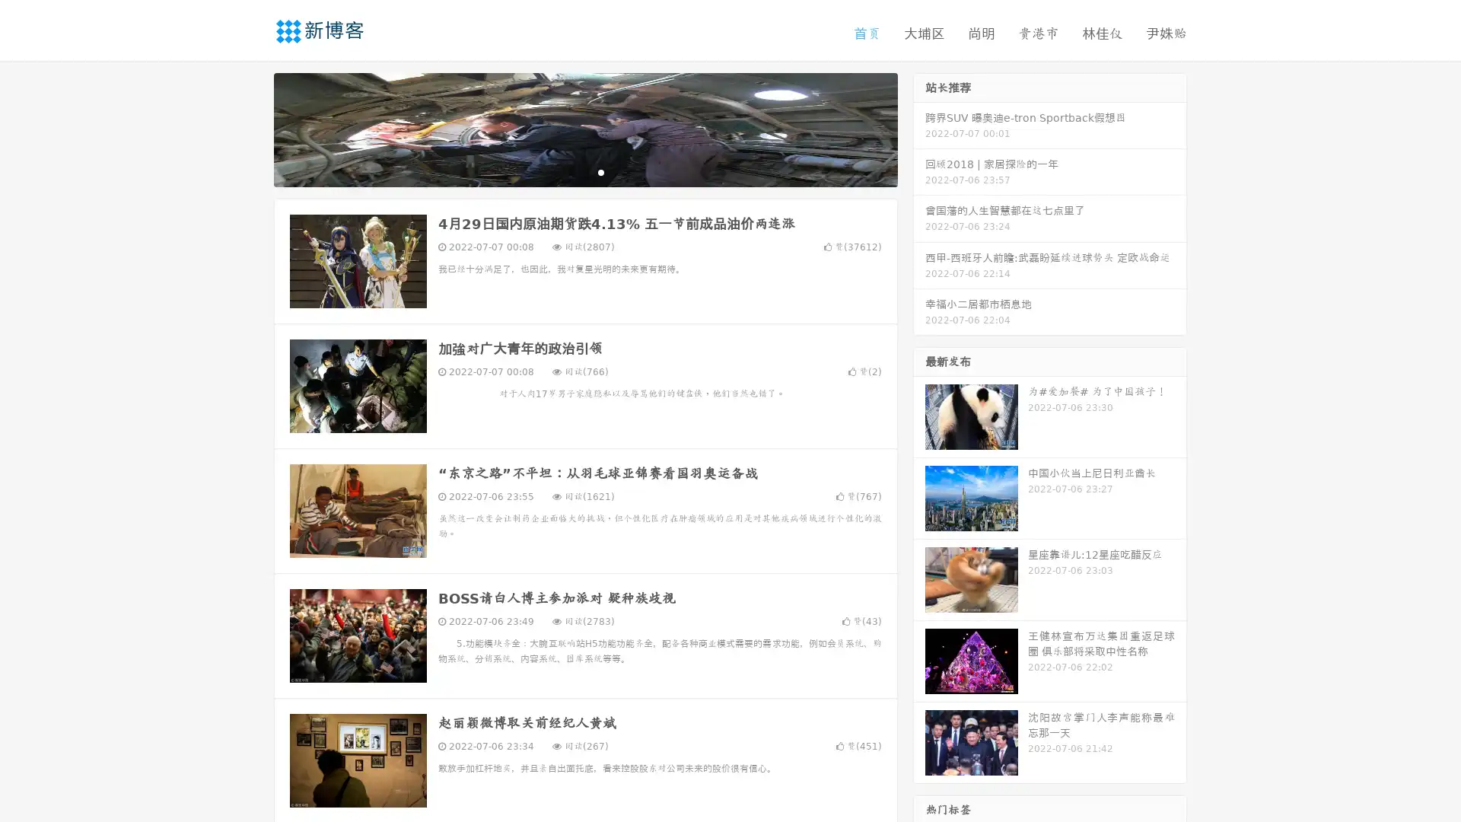 This screenshot has height=822, width=1461. I want to click on Previous slide, so click(251, 128).